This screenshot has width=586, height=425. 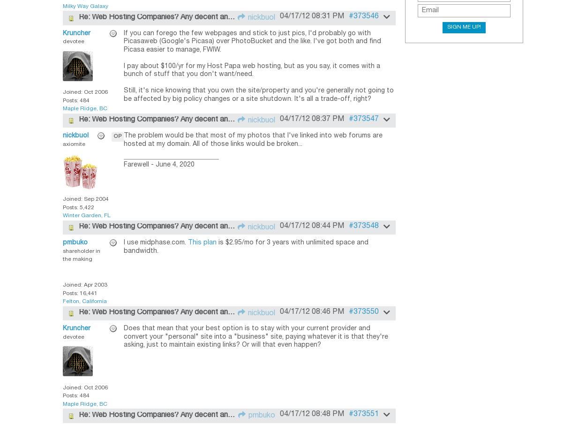 I want to click on 'shareholder in the making', so click(x=82, y=255).